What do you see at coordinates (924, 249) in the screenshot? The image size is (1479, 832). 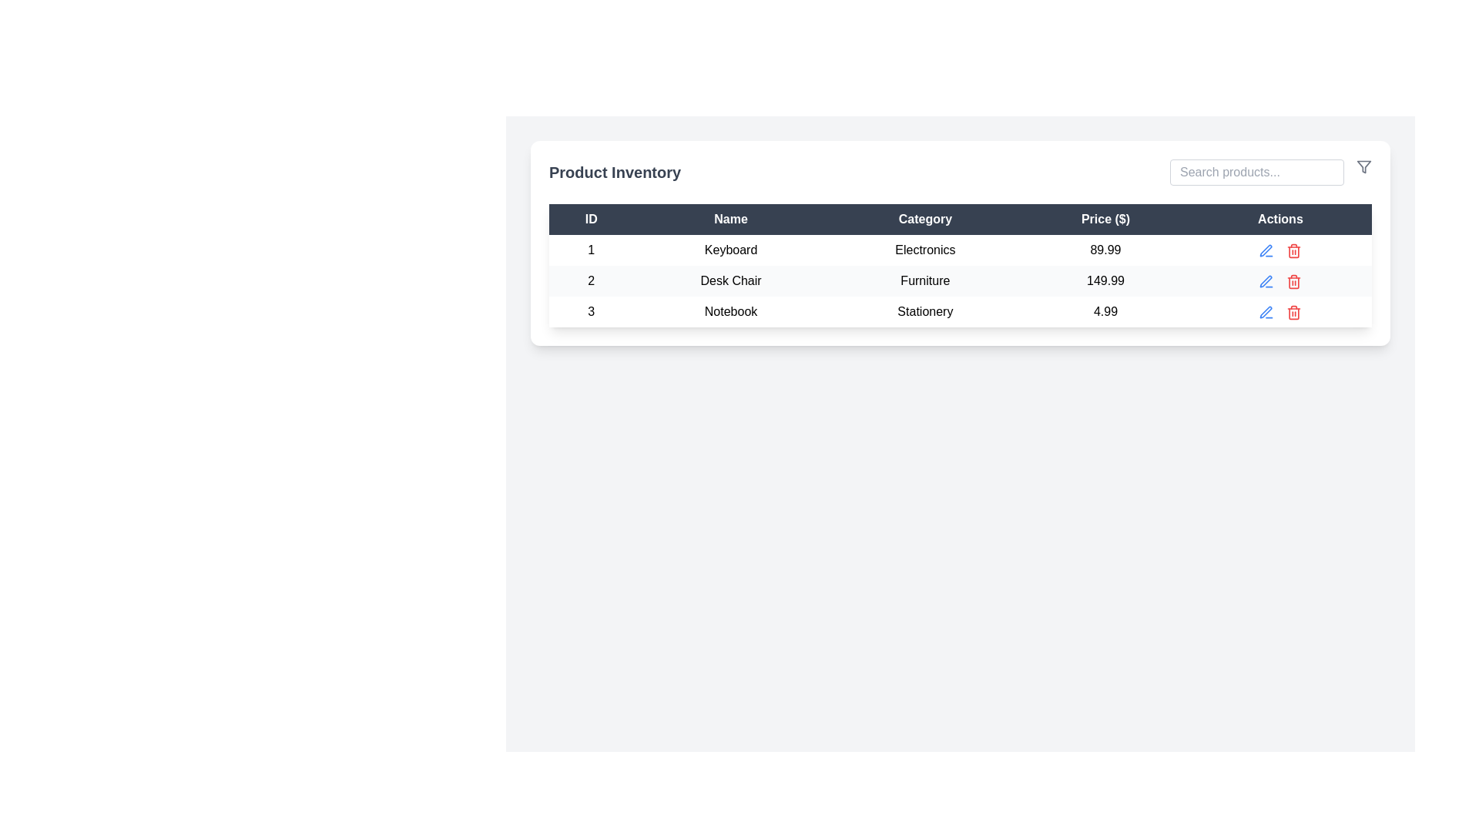 I see `the Text Display element that indicates the category of the product in the first data row of the table, located between the 'Name' column with 'Keyboard' and the 'Price ($)' column with '89.99'` at bounding box center [924, 249].